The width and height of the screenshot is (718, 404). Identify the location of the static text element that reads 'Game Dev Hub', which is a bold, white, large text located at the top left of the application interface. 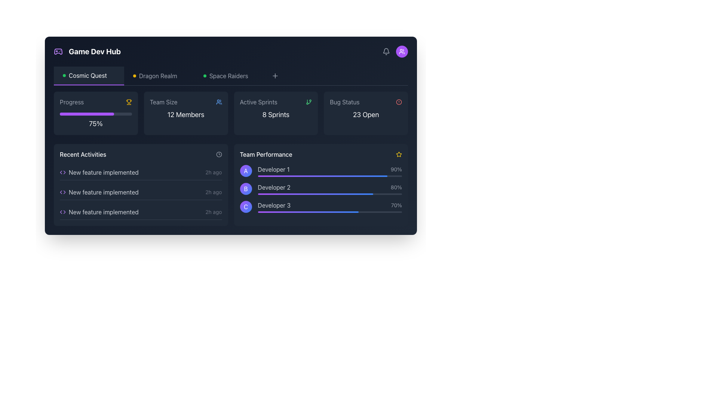
(94, 51).